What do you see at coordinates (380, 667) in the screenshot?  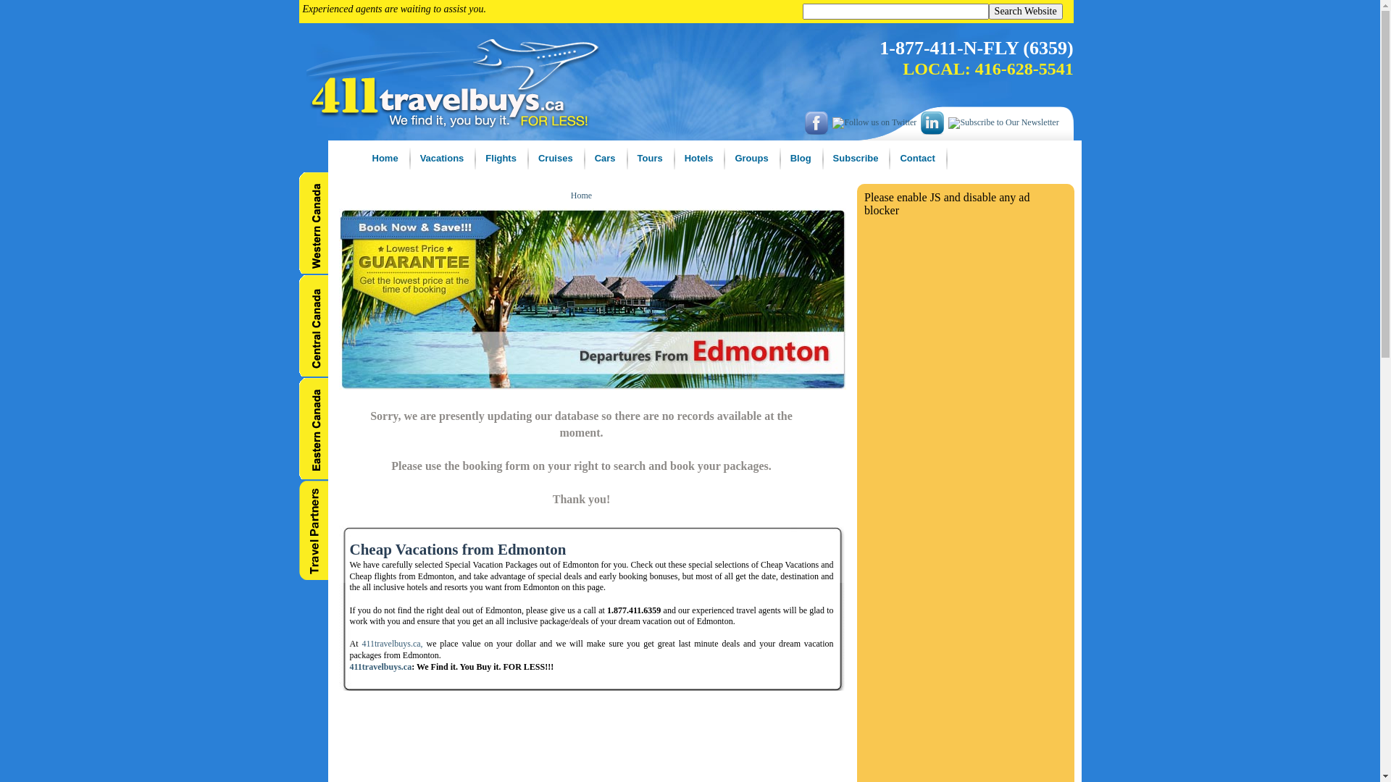 I see `'411travelbuys.ca'` at bounding box center [380, 667].